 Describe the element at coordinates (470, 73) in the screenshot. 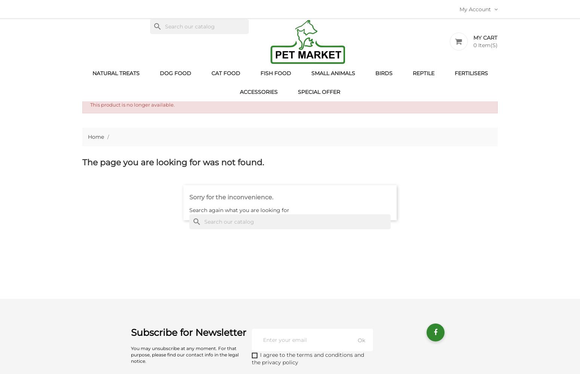

I see `'Fertilisers'` at that location.